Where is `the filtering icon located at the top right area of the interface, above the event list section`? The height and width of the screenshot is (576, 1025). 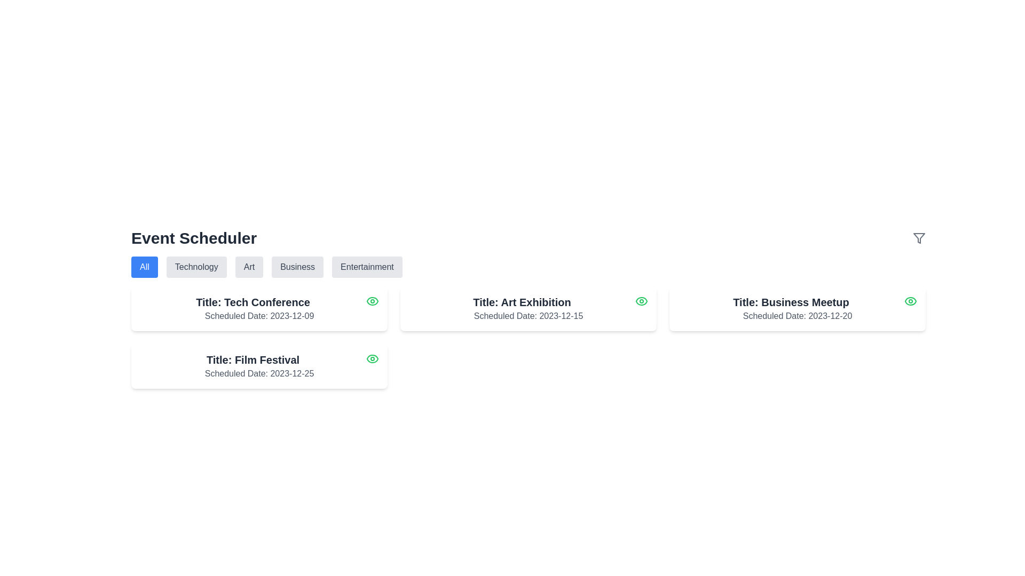 the filtering icon located at the top right area of the interface, above the event list section is located at coordinates (919, 238).